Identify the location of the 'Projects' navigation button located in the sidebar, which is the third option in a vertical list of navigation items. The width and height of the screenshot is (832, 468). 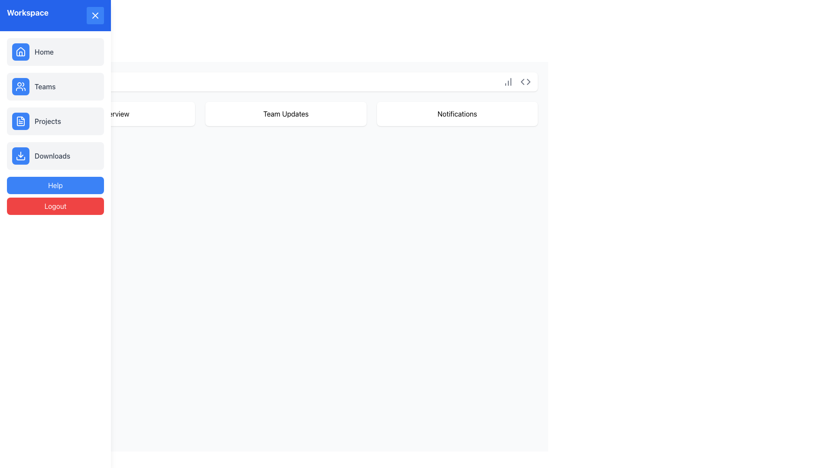
(55, 121).